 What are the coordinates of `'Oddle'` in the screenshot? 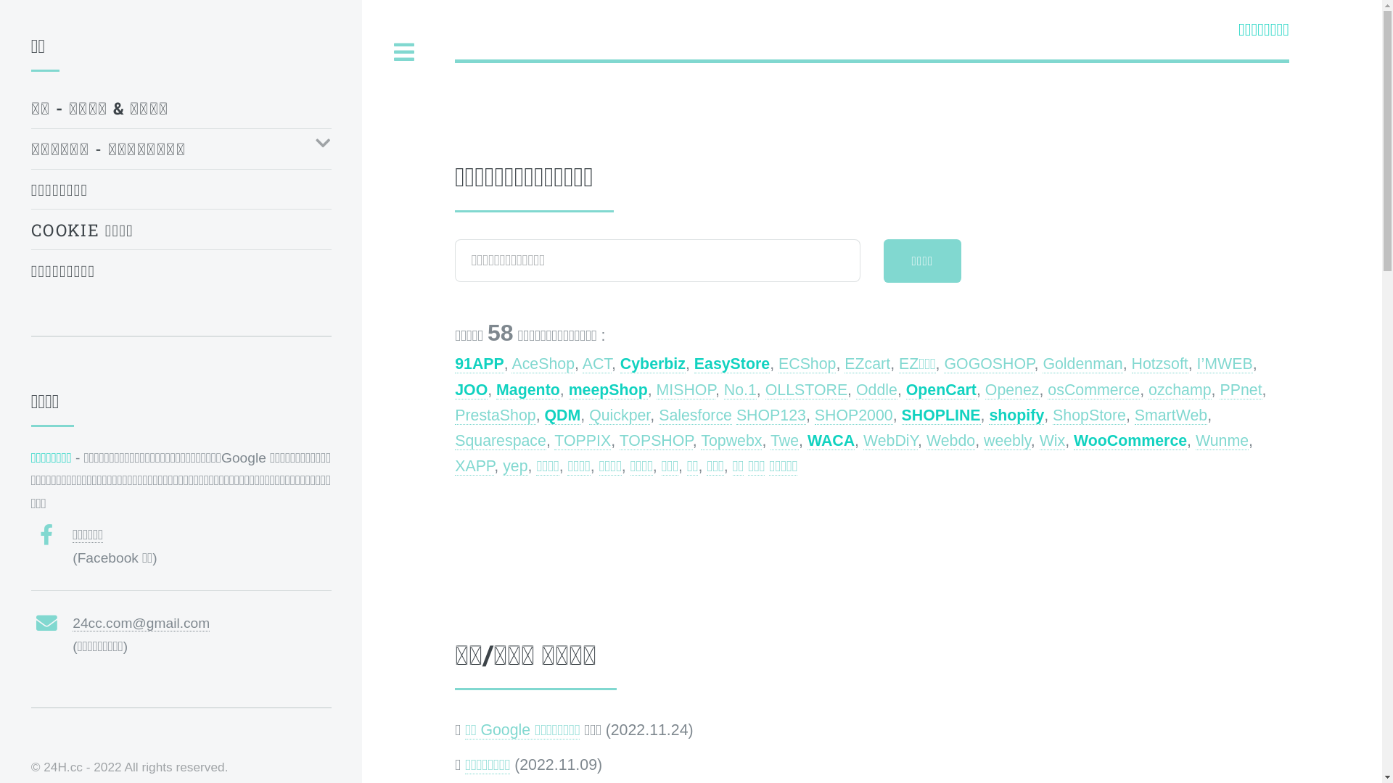 It's located at (876, 389).